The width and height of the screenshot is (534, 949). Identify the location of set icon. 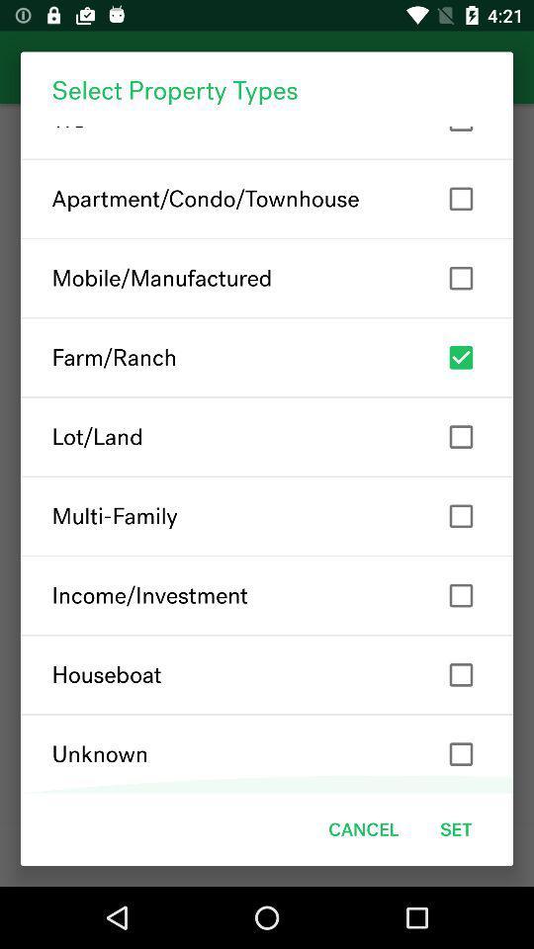
(456, 829).